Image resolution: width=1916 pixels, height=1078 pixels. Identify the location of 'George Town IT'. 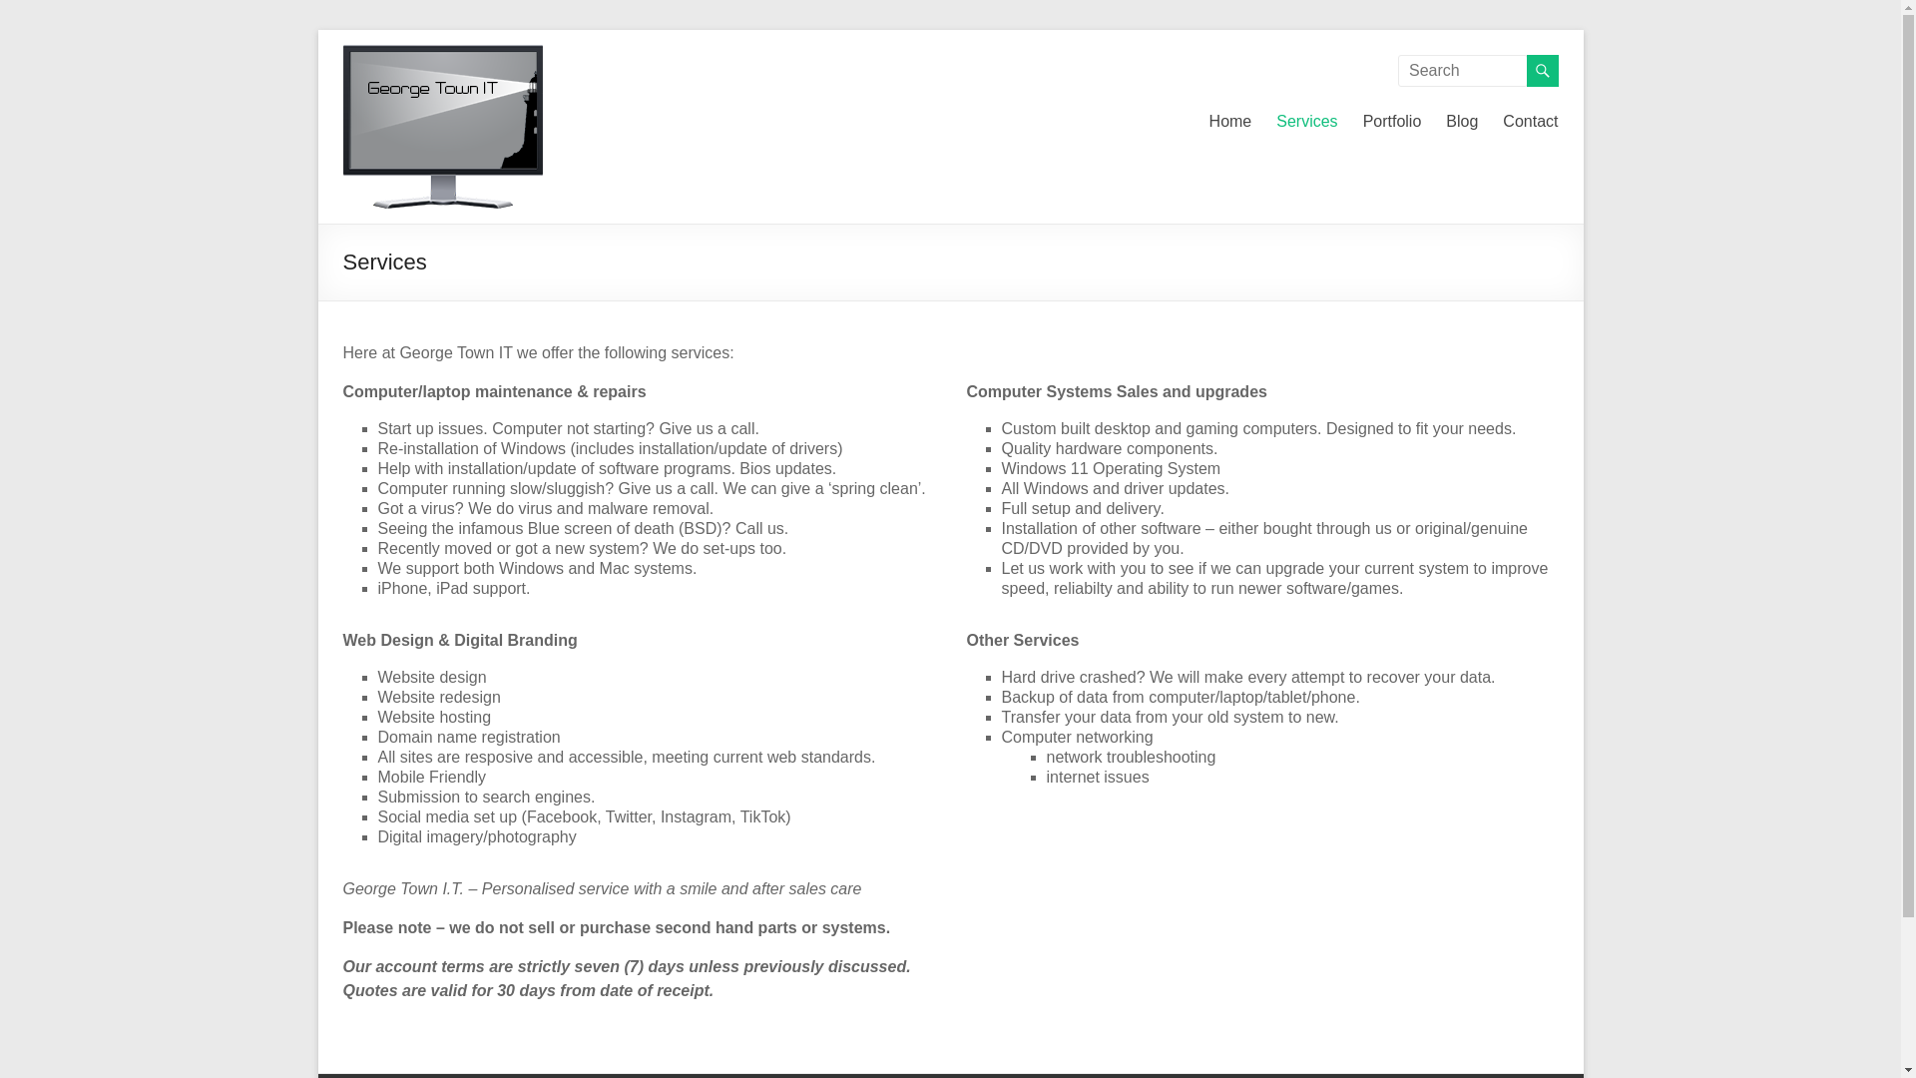
(400, 109).